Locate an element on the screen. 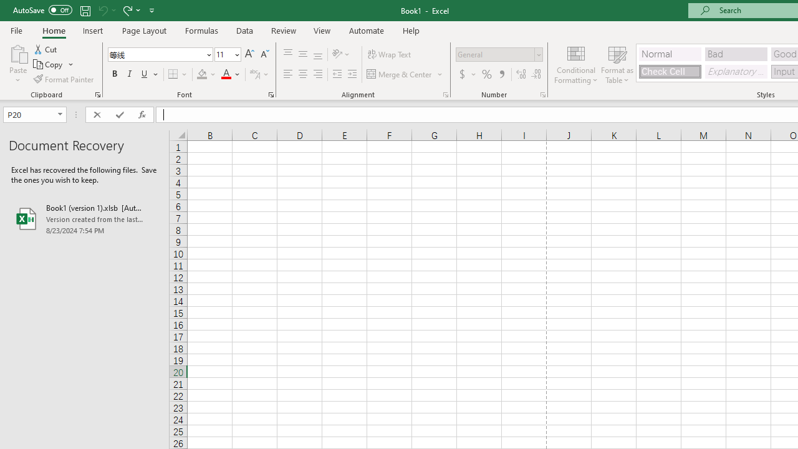  'Check Cell' is located at coordinates (669, 71).